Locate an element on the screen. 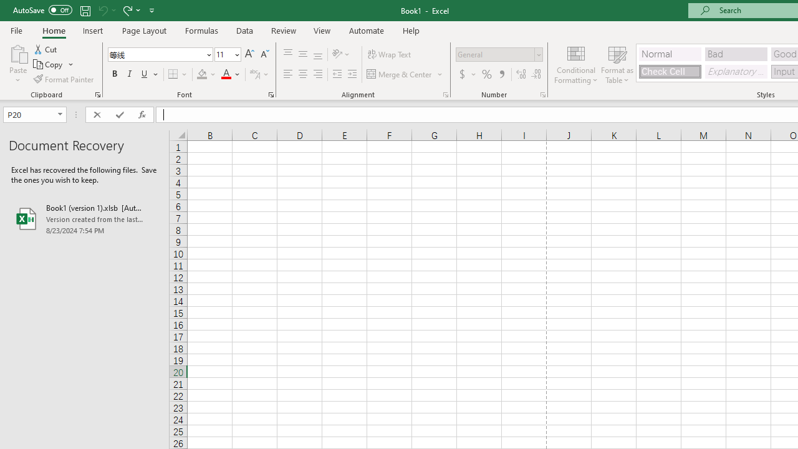  'Check Cell' is located at coordinates (669, 71).